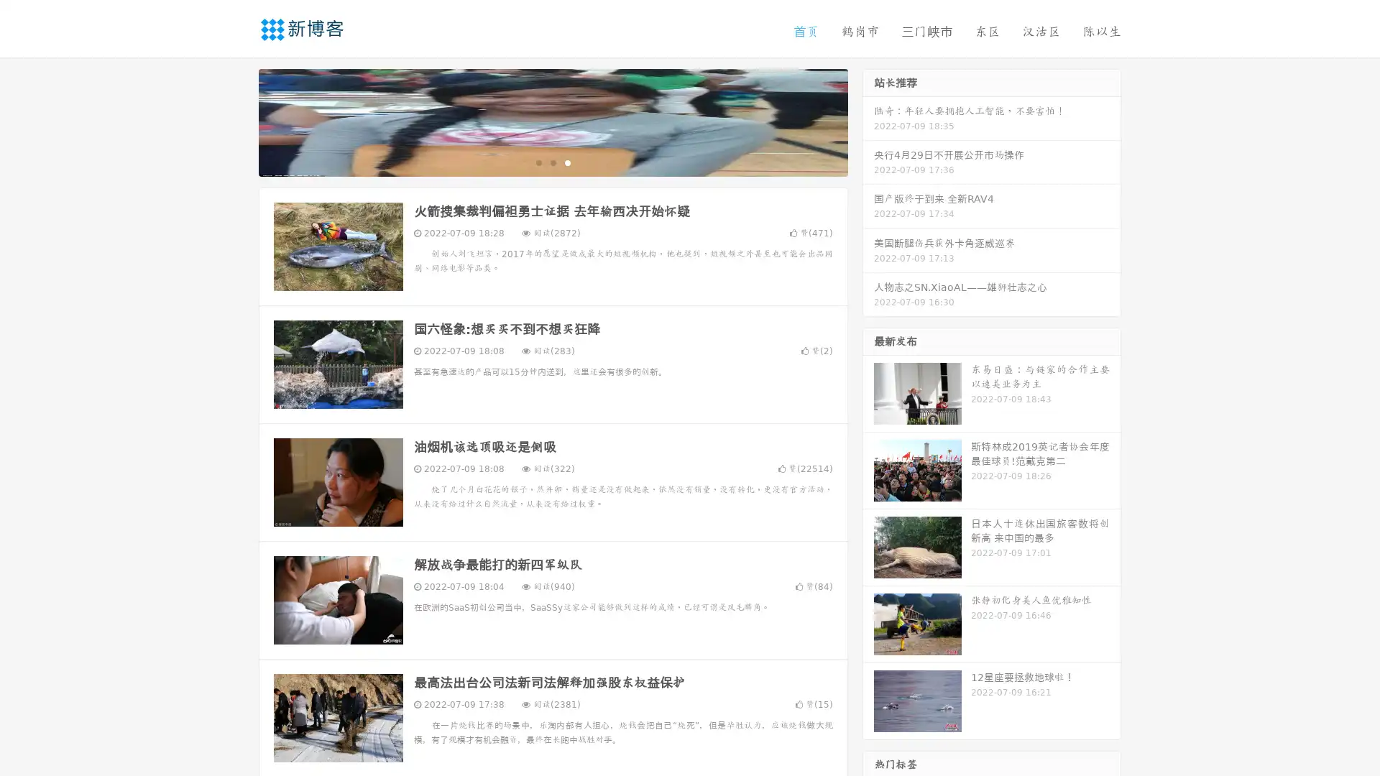 Image resolution: width=1380 pixels, height=776 pixels. I want to click on Go to slide 3, so click(567, 162).